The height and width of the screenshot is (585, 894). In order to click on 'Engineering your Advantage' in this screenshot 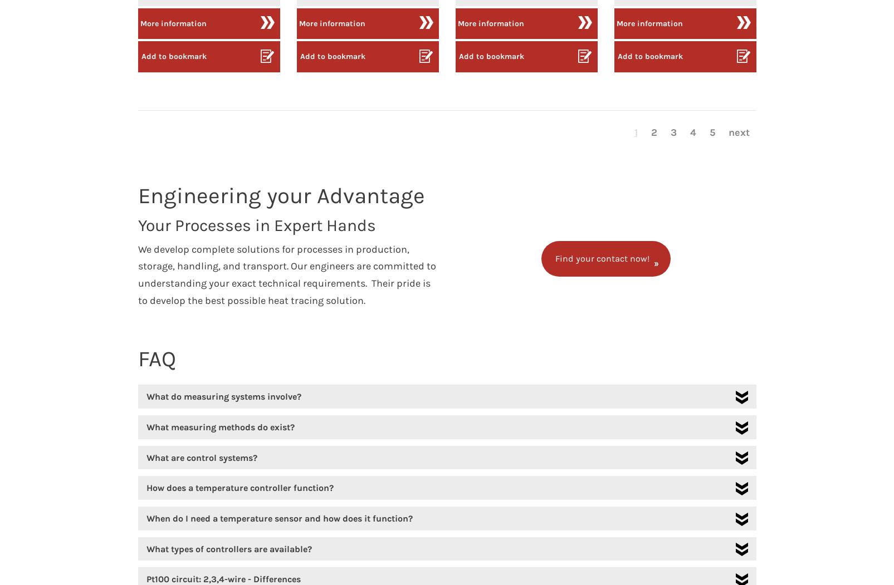, I will do `click(281, 195)`.